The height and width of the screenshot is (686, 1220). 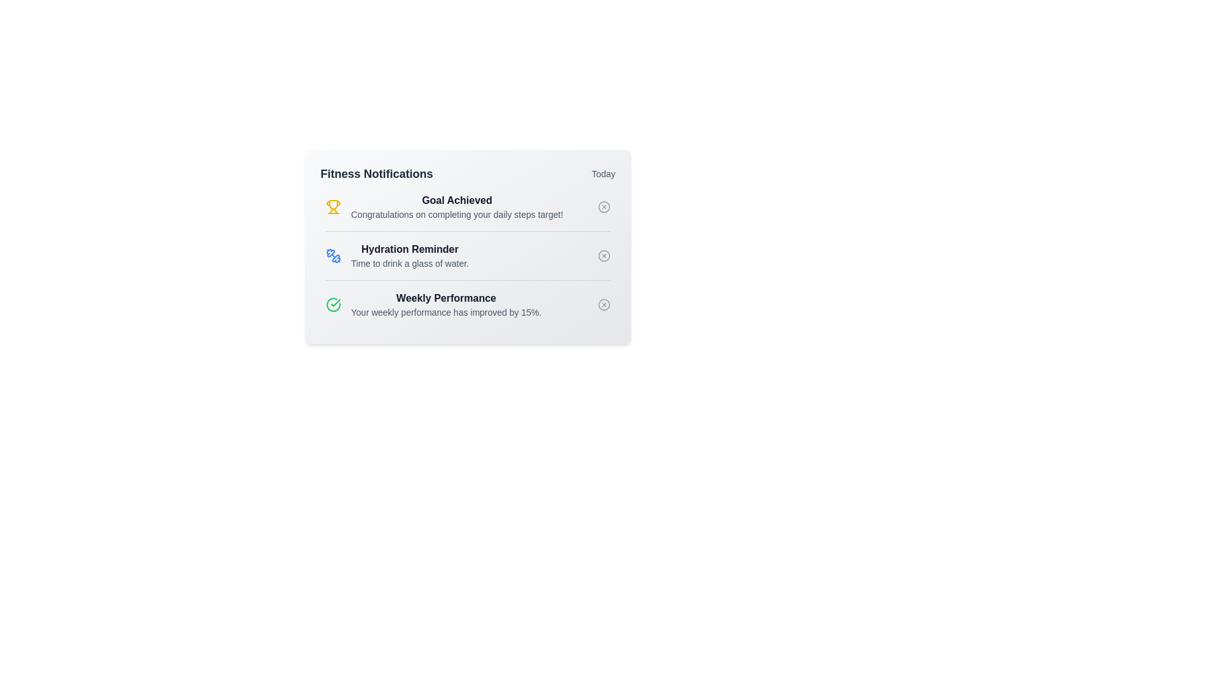 I want to click on the green circular checkmark icon of the 'Weekly Performance' notification item, which is the third item in the 'Fitness Notifications' section, so click(x=433, y=304).